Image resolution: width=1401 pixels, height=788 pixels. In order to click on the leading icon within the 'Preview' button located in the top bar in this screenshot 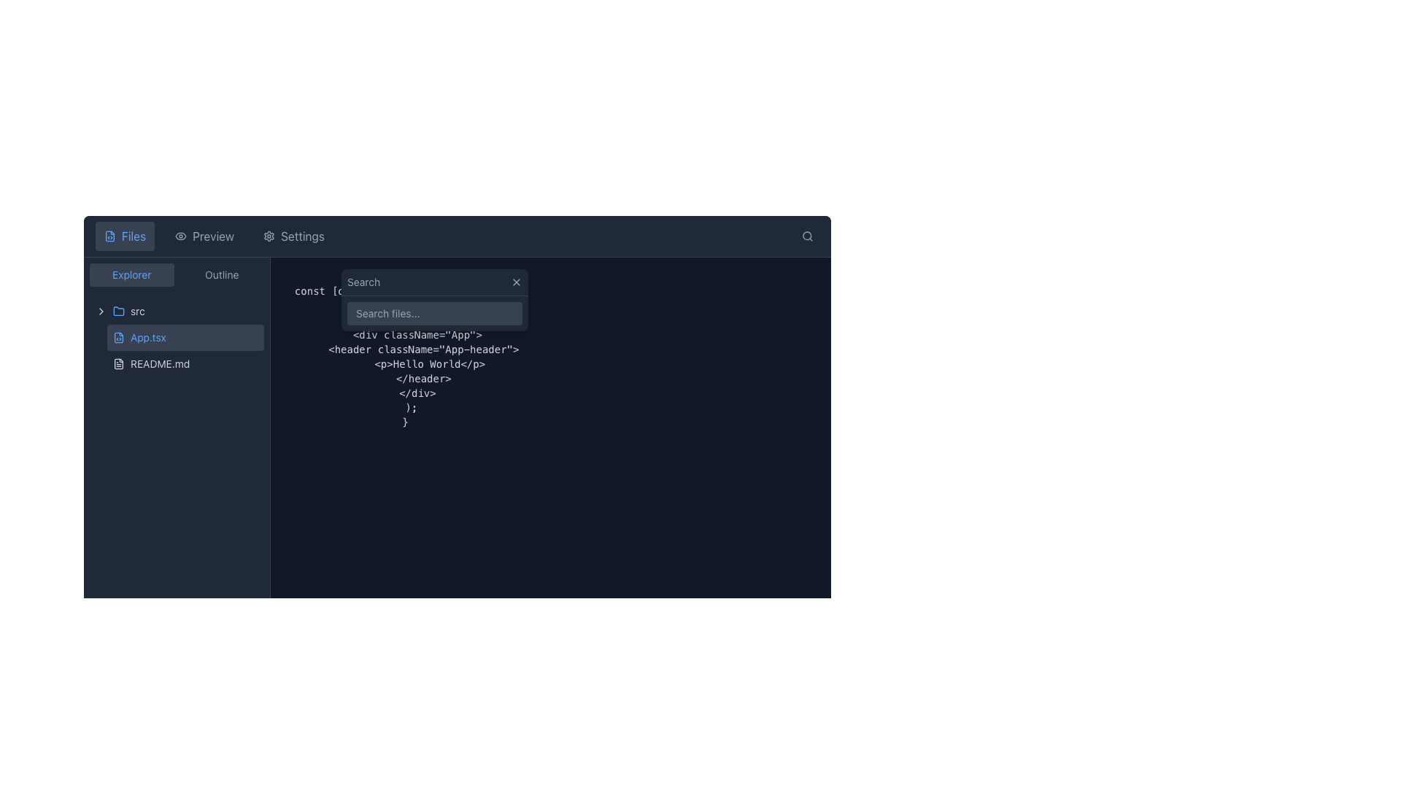, I will do `click(180, 236)`.